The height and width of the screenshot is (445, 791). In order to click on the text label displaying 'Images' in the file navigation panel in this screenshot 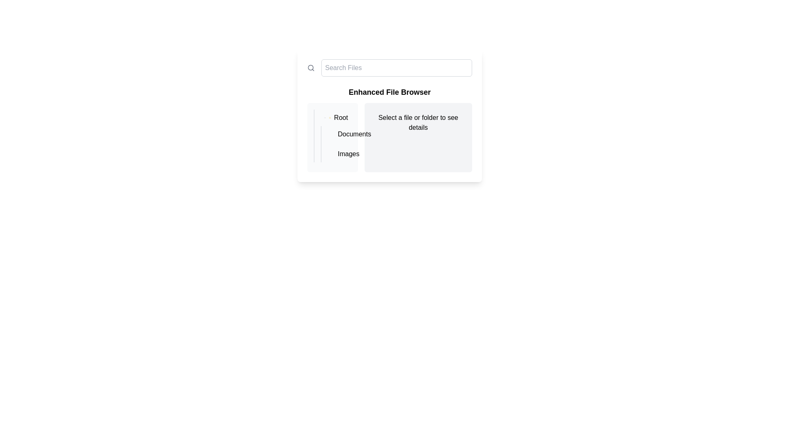, I will do `click(339, 154)`.